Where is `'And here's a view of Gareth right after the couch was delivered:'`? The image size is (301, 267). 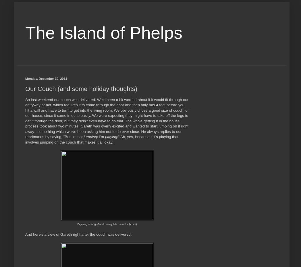 'And here's a view of Gareth right after the couch was delivered:' is located at coordinates (25, 234).